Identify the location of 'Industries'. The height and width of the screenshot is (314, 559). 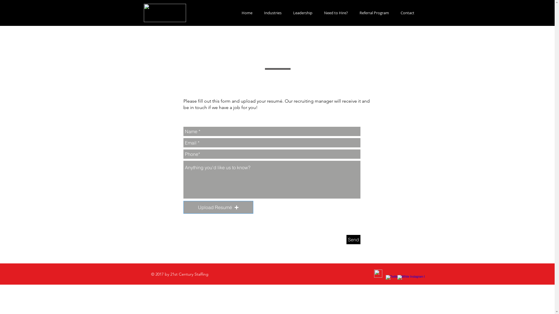
(258, 13).